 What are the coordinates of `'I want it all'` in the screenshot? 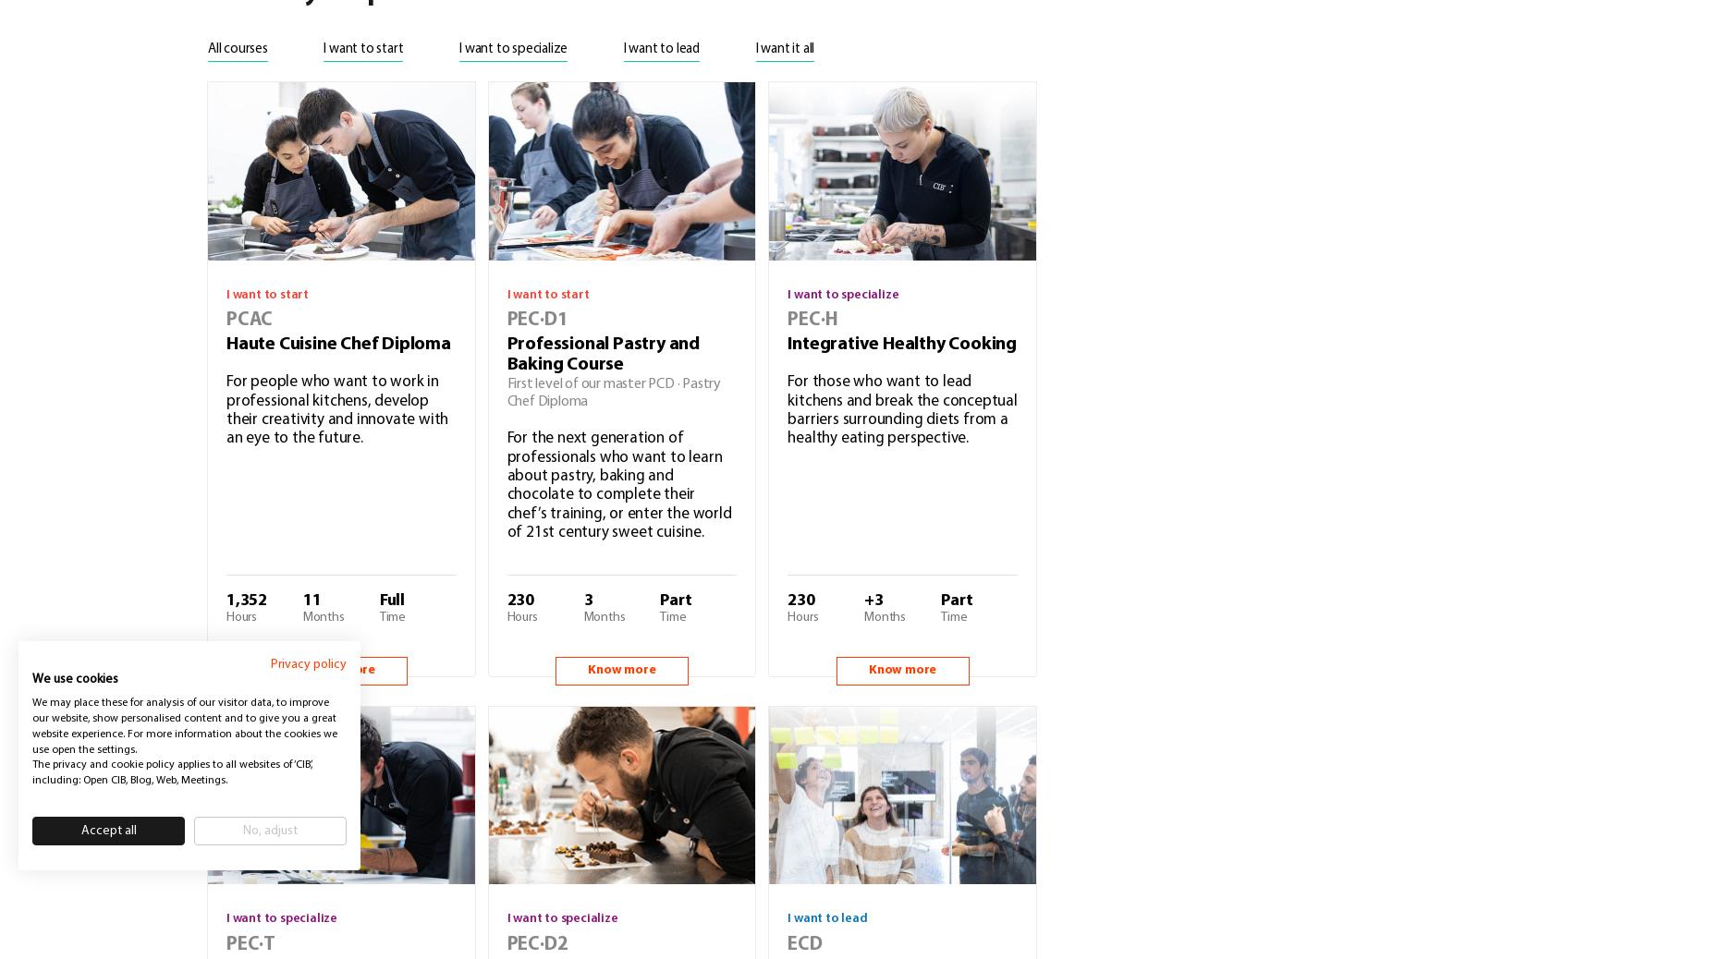 It's located at (784, 48).